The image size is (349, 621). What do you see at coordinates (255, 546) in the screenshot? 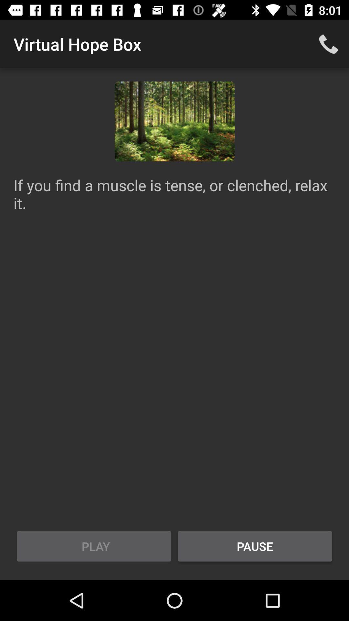
I see `the item to the right of play item` at bounding box center [255, 546].